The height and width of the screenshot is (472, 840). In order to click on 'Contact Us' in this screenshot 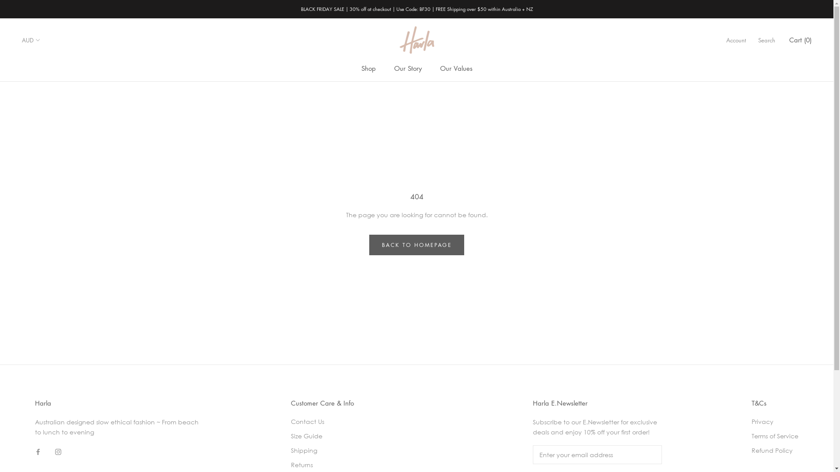, I will do `click(291, 421)`.